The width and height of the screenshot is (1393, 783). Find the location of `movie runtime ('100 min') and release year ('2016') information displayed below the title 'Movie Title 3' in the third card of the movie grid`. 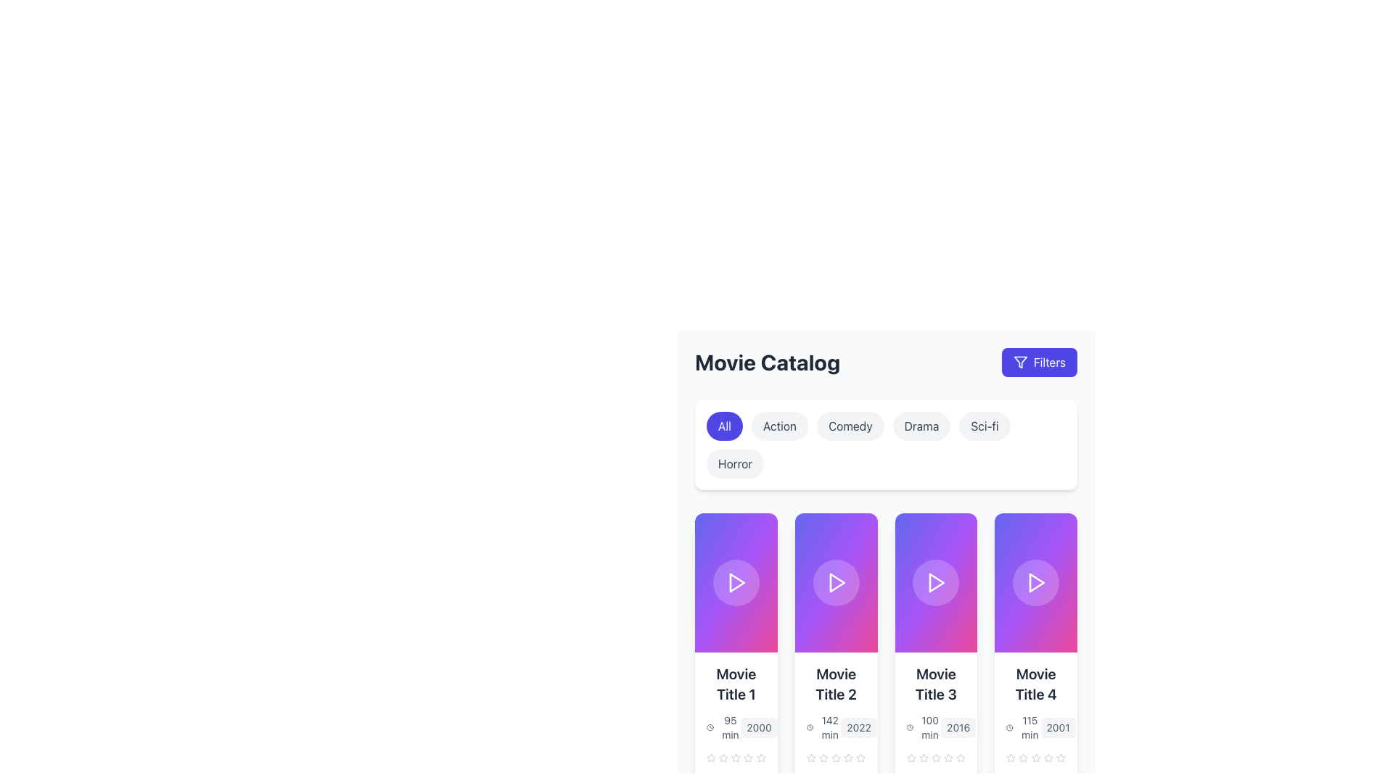

movie runtime ('100 min') and release year ('2016') information displayed below the title 'Movie Title 3' in the third card of the movie grid is located at coordinates (936, 727).